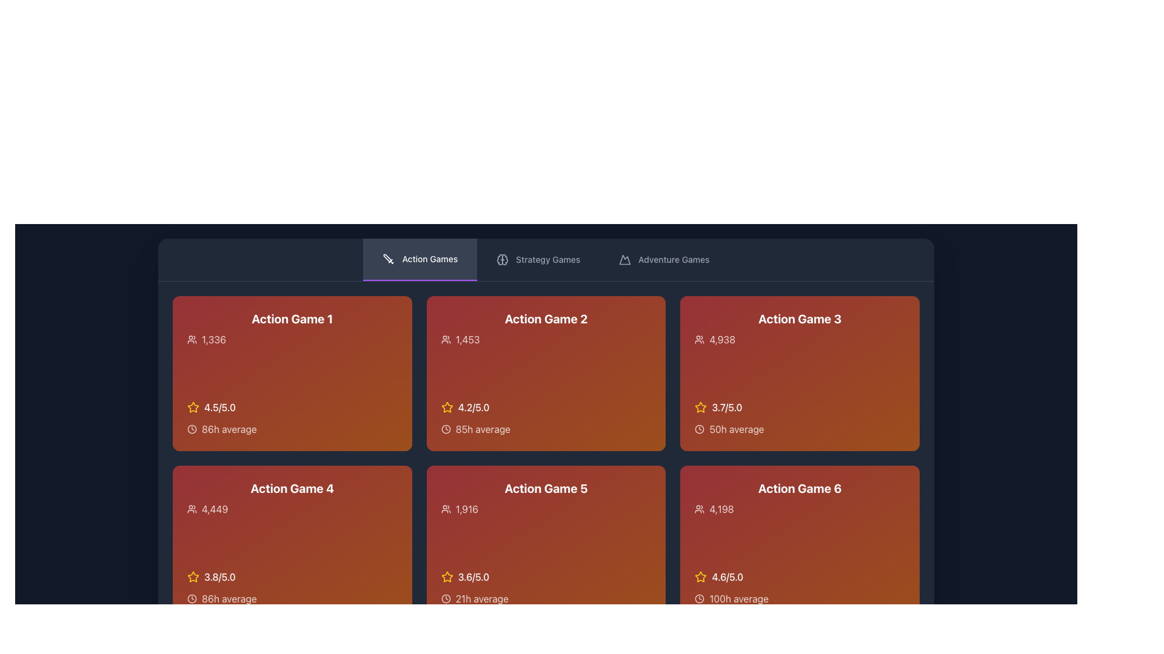 The height and width of the screenshot is (654, 1164). I want to click on outline of the SVG Circle Element that serves as the decorative component of the clock icon located in the bottom-right section of the interface, so click(700, 598).